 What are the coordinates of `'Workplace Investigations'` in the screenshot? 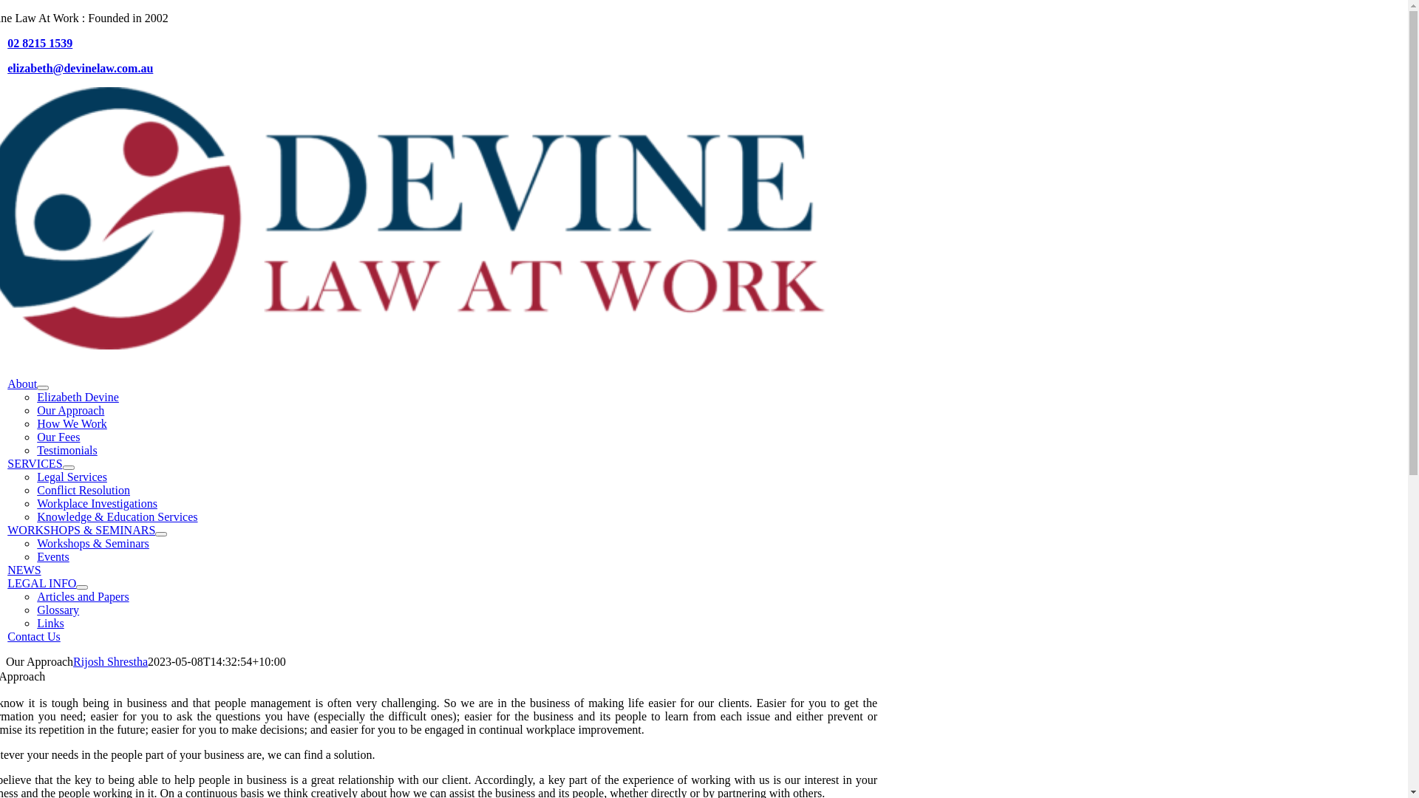 It's located at (96, 502).